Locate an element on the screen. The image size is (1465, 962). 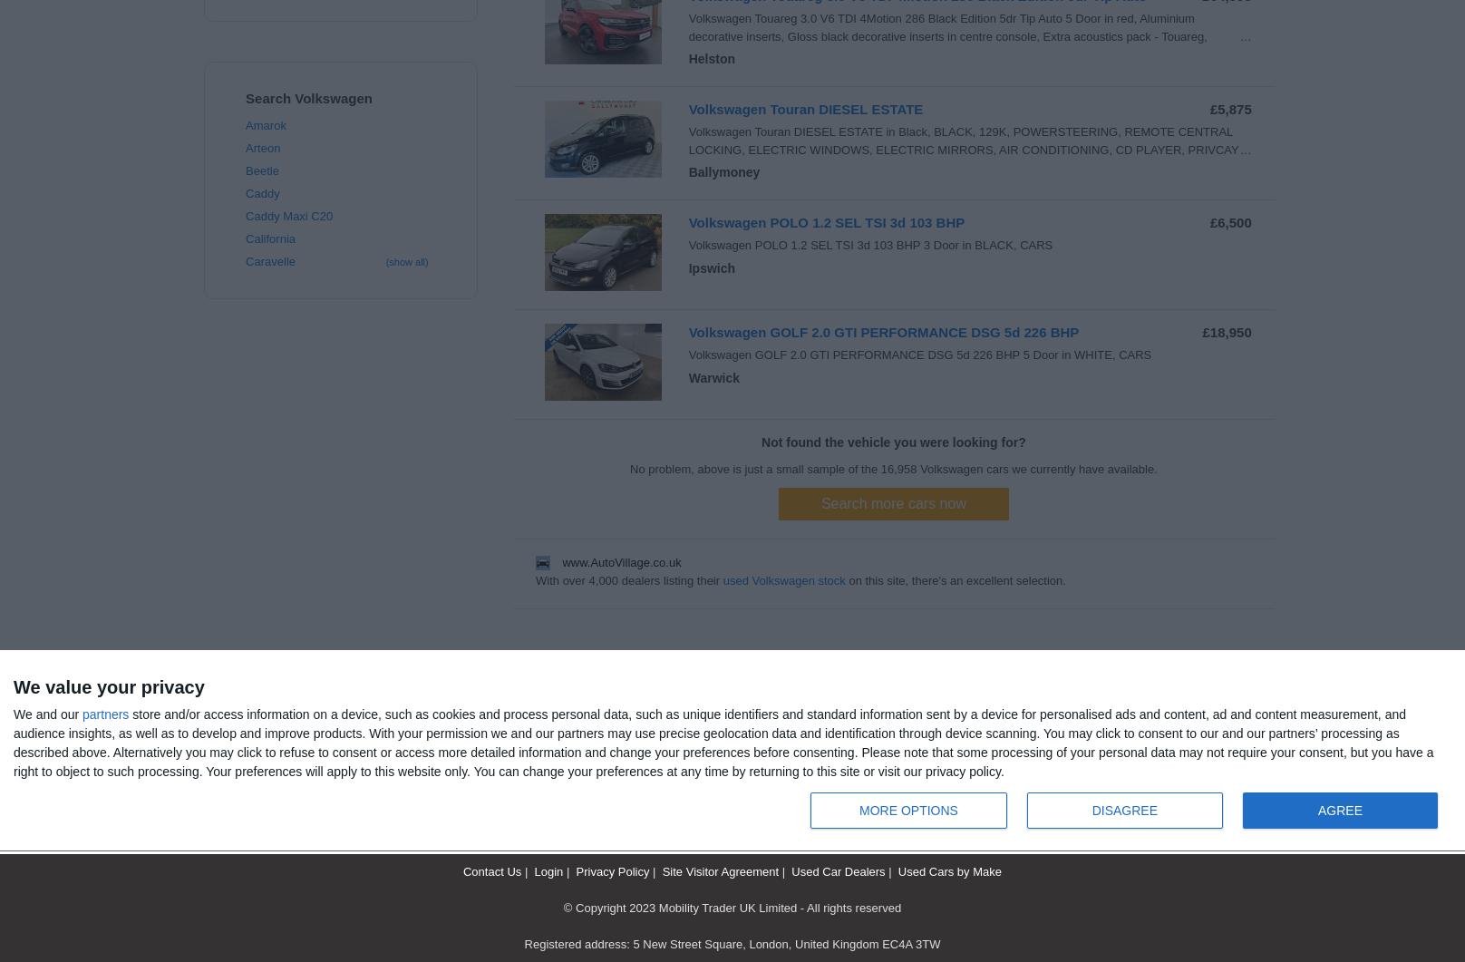
'Used Volkswagen Car in UK Search' is located at coordinates (314, 726).